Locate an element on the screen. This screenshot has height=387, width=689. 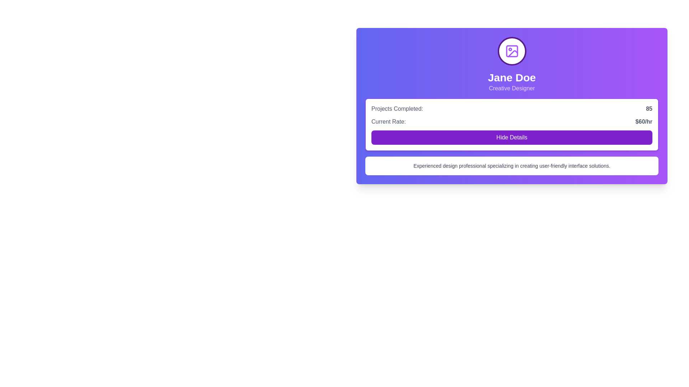
static text label indicating the total number of projects completed, positioned to the left of the number '85' is located at coordinates (397, 109).